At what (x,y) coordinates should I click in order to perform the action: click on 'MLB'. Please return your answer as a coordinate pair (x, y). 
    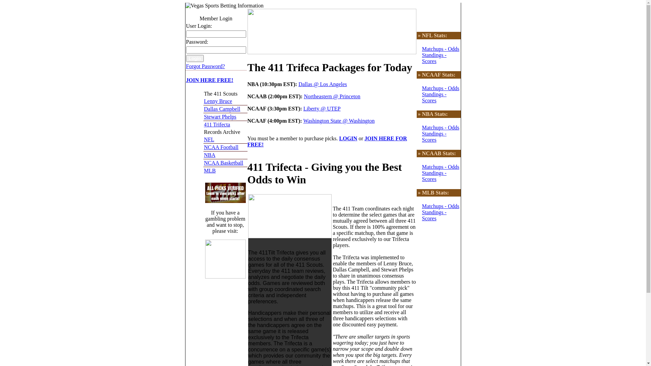
    Looking at the image, I should click on (210, 170).